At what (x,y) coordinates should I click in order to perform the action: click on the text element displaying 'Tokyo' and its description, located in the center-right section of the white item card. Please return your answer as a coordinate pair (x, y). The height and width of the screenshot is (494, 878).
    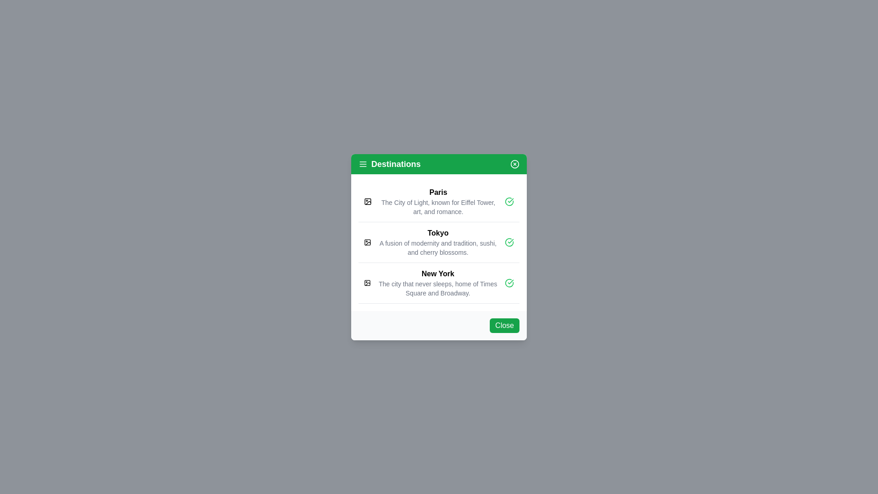
    Looking at the image, I should click on (437, 242).